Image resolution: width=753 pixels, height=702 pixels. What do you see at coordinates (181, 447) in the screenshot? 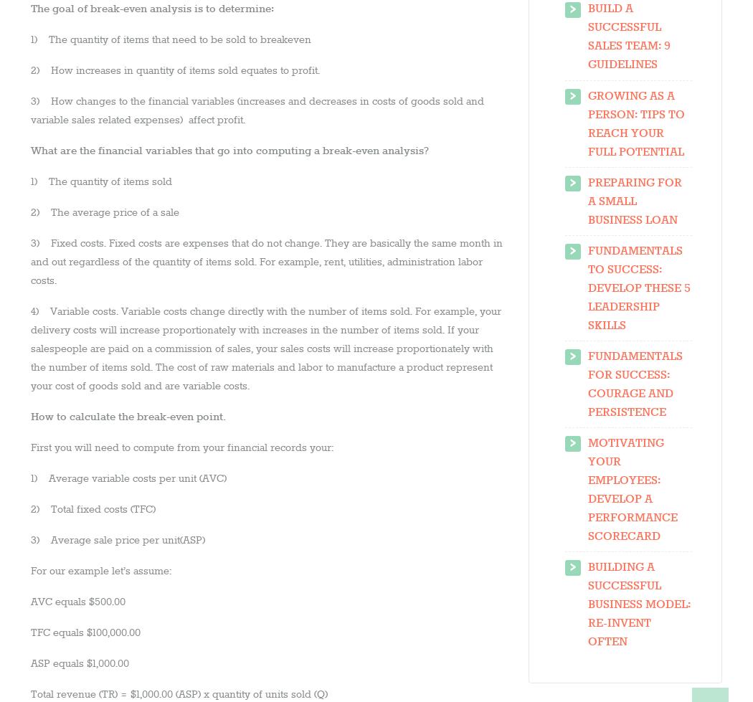
I see `'First you will need to compute from your financial records your:'` at bounding box center [181, 447].